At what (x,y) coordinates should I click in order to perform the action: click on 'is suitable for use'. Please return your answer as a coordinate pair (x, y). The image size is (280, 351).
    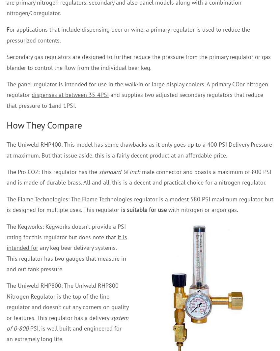
    Looking at the image, I should click on (143, 210).